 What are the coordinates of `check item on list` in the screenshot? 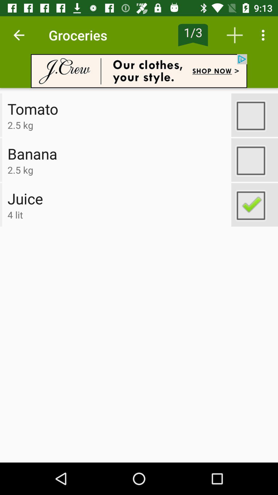 It's located at (254, 204).